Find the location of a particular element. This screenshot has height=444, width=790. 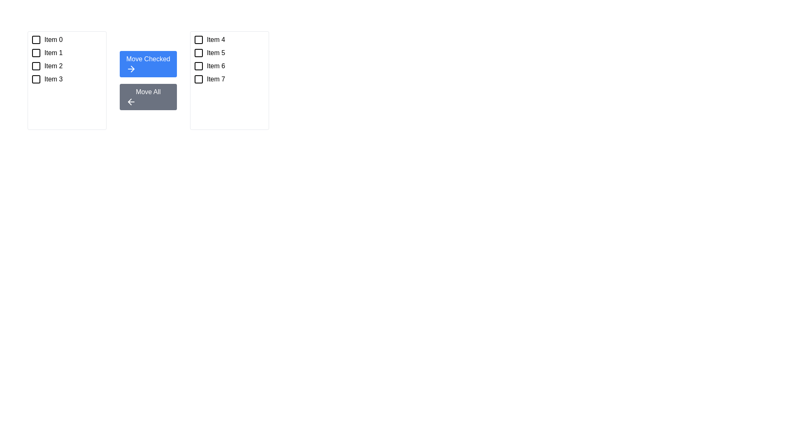

the 'Move Checked' button that contains the right arrow icon is located at coordinates (132, 69).